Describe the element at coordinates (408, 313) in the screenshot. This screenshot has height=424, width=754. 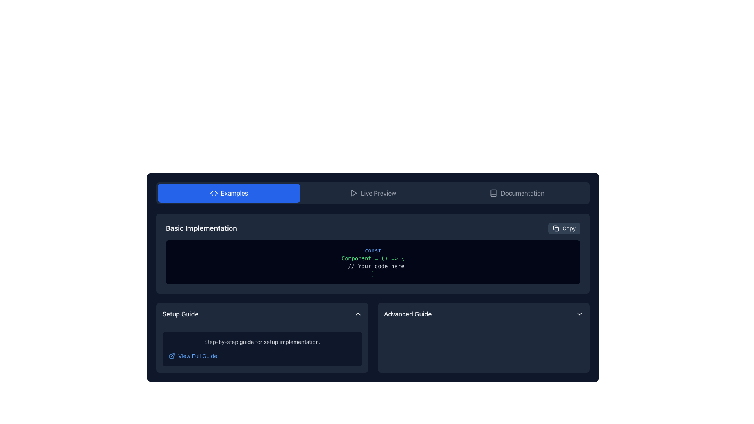
I see `the 'Advanced Guide' label, which is displayed in medium font style on a dark navy background, located to the right of the 'Setup Guide' section and towards the bottom of the main interface` at that location.